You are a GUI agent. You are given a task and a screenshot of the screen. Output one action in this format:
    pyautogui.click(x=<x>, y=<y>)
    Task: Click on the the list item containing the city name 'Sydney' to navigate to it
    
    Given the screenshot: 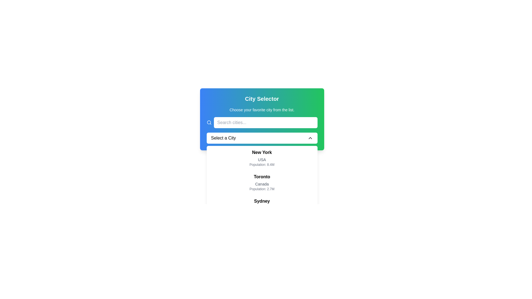 What is the action you would take?
    pyautogui.click(x=262, y=207)
    